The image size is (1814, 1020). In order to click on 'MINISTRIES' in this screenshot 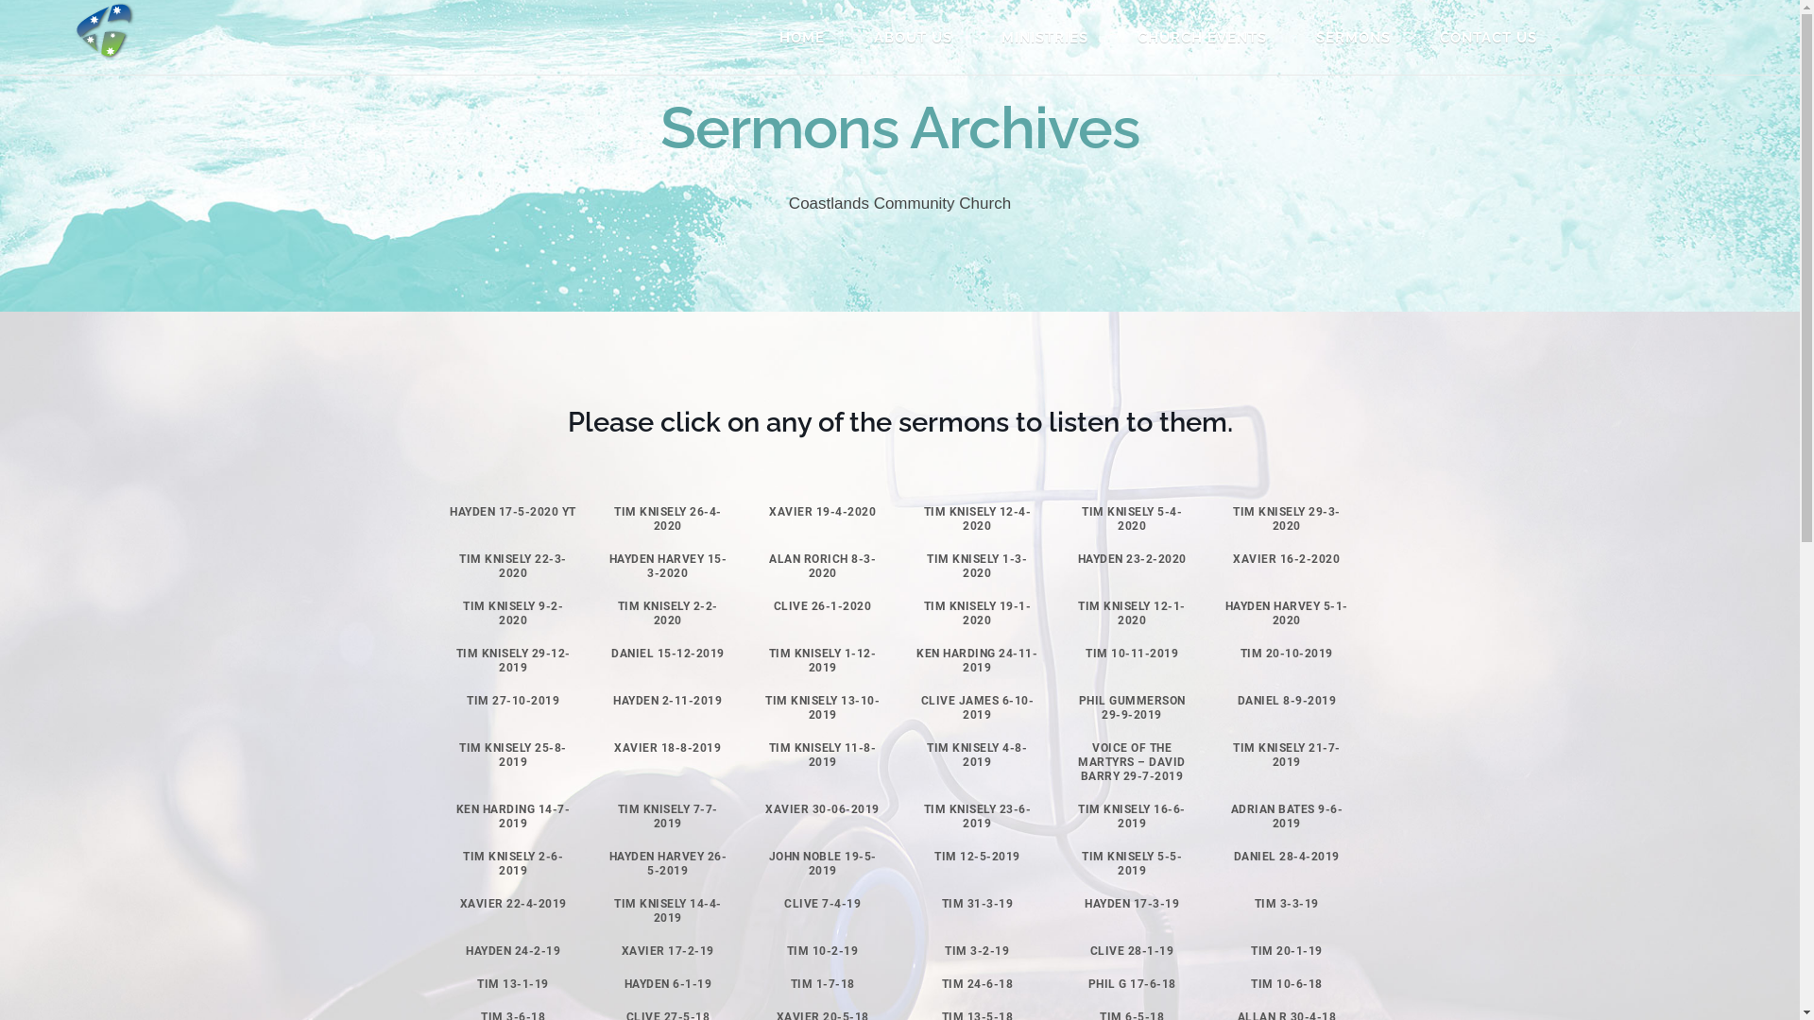, I will do `click(1051, 37)`.